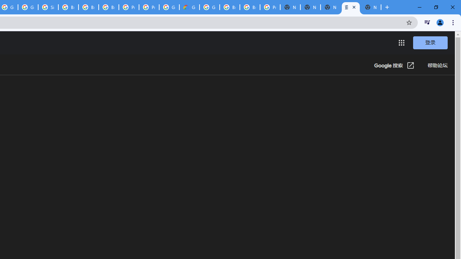 Image resolution: width=461 pixels, height=259 pixels. What do you see at coordinates (371, 7) in the screenshot?
I see `'New Tab'` at bounding box center [371, 7].